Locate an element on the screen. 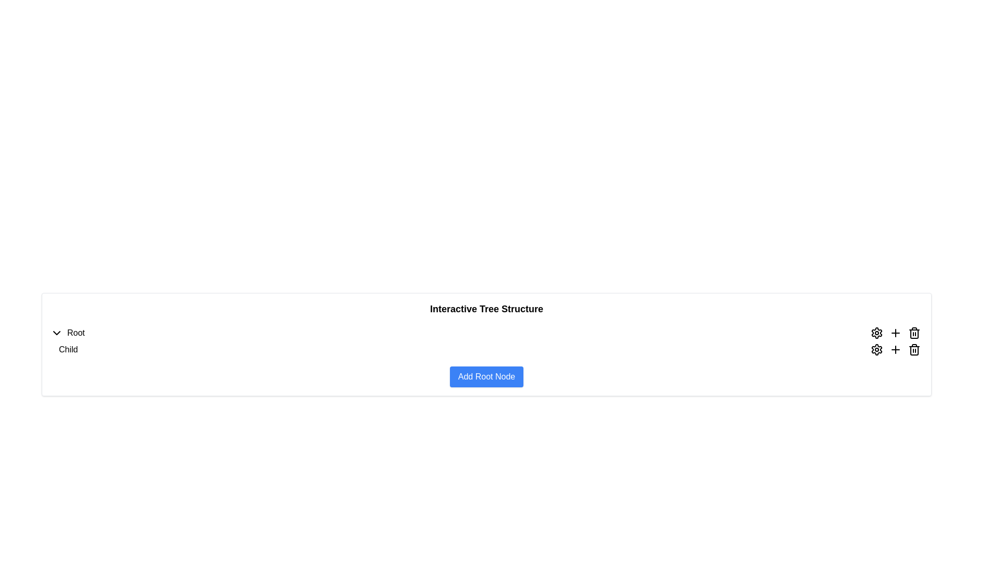 The height and width of the screenshot is (563, 1001). the Dropdown toggle icon, which is a small downward-facing chevron located to the left of the text 'Root' is located at coordinates (56, 333).